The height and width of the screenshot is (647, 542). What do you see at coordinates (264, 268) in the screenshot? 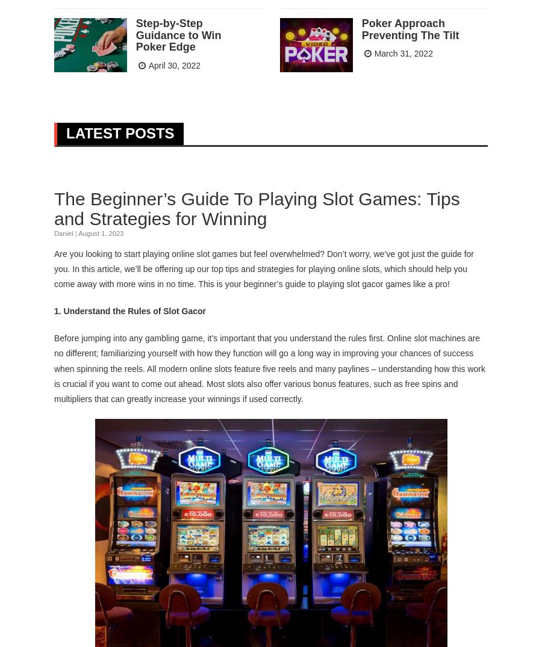
I see `'Are you looking to start playing online slot games but feel overwhelmed? Don’t worry, we’ve got just the guide for you. In this article, we’ll be offering up our top tips and strategies for playing online slots, which should help you come away with more wins in no time. This is your beginner’s guide to playing'` at bounding box center [264, 268].